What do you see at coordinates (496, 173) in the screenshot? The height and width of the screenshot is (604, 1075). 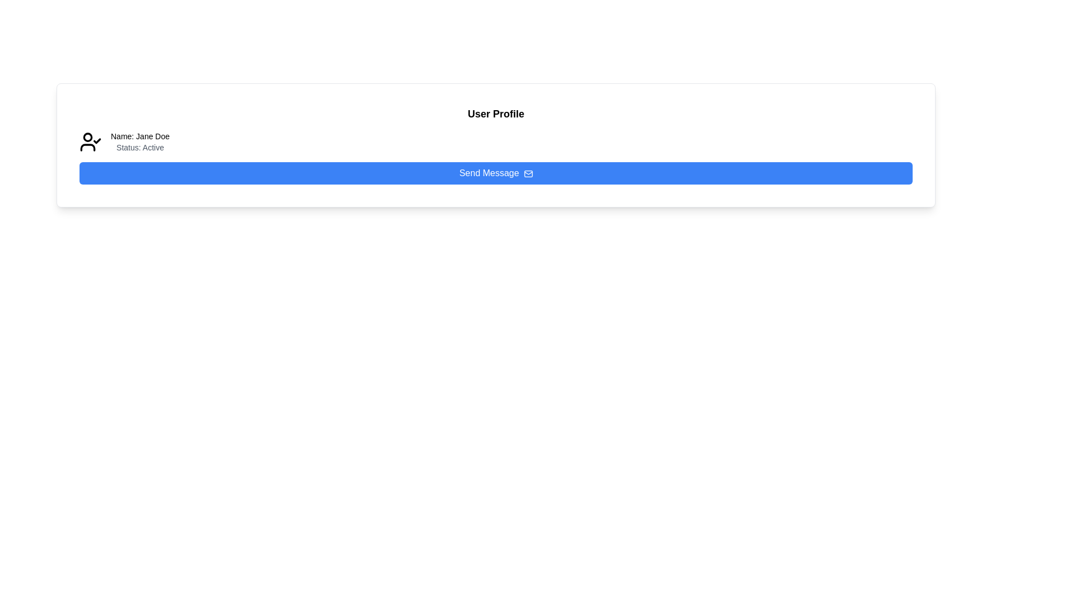 I see `the message sending button located in the 'User Profile' section below the status information for 'Jane Doe'` at bounding box center [496, 173].